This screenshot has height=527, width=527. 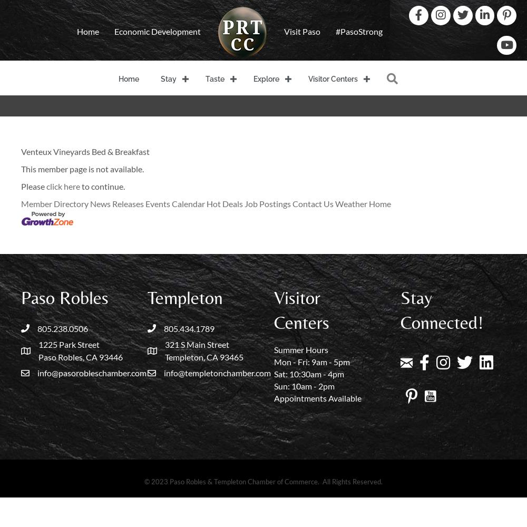 What do you see at coordinates (441, 309) in the screenshot?
I see `'Stay Connected!'` at bounding box center [441, 309].